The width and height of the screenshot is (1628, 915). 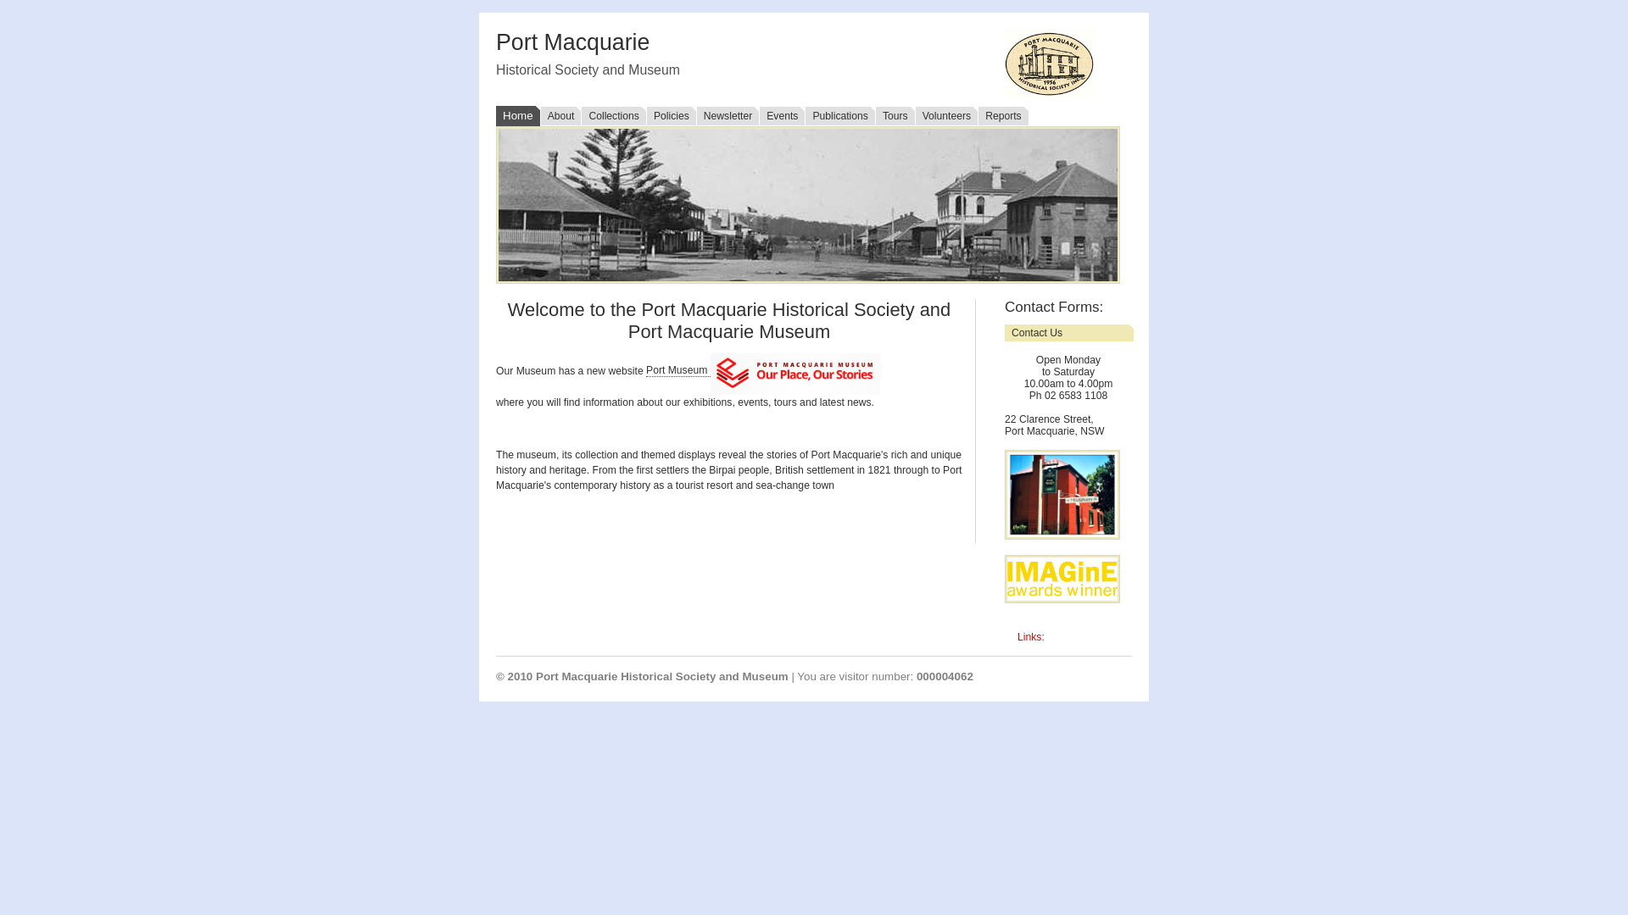 What do you see at coordinates (516, 115) in the screenshot?
I see `'Home'` at bounding box center [516, 115].